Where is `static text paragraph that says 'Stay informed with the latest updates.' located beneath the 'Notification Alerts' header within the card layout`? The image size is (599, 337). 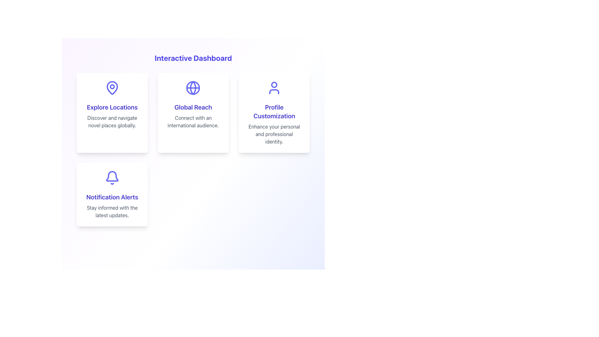 static text paragraph that says 'Stay informed with the latest updates.' located beneath the 'Notification Alerts' header within the card layout is located at coordinates (112, 211).